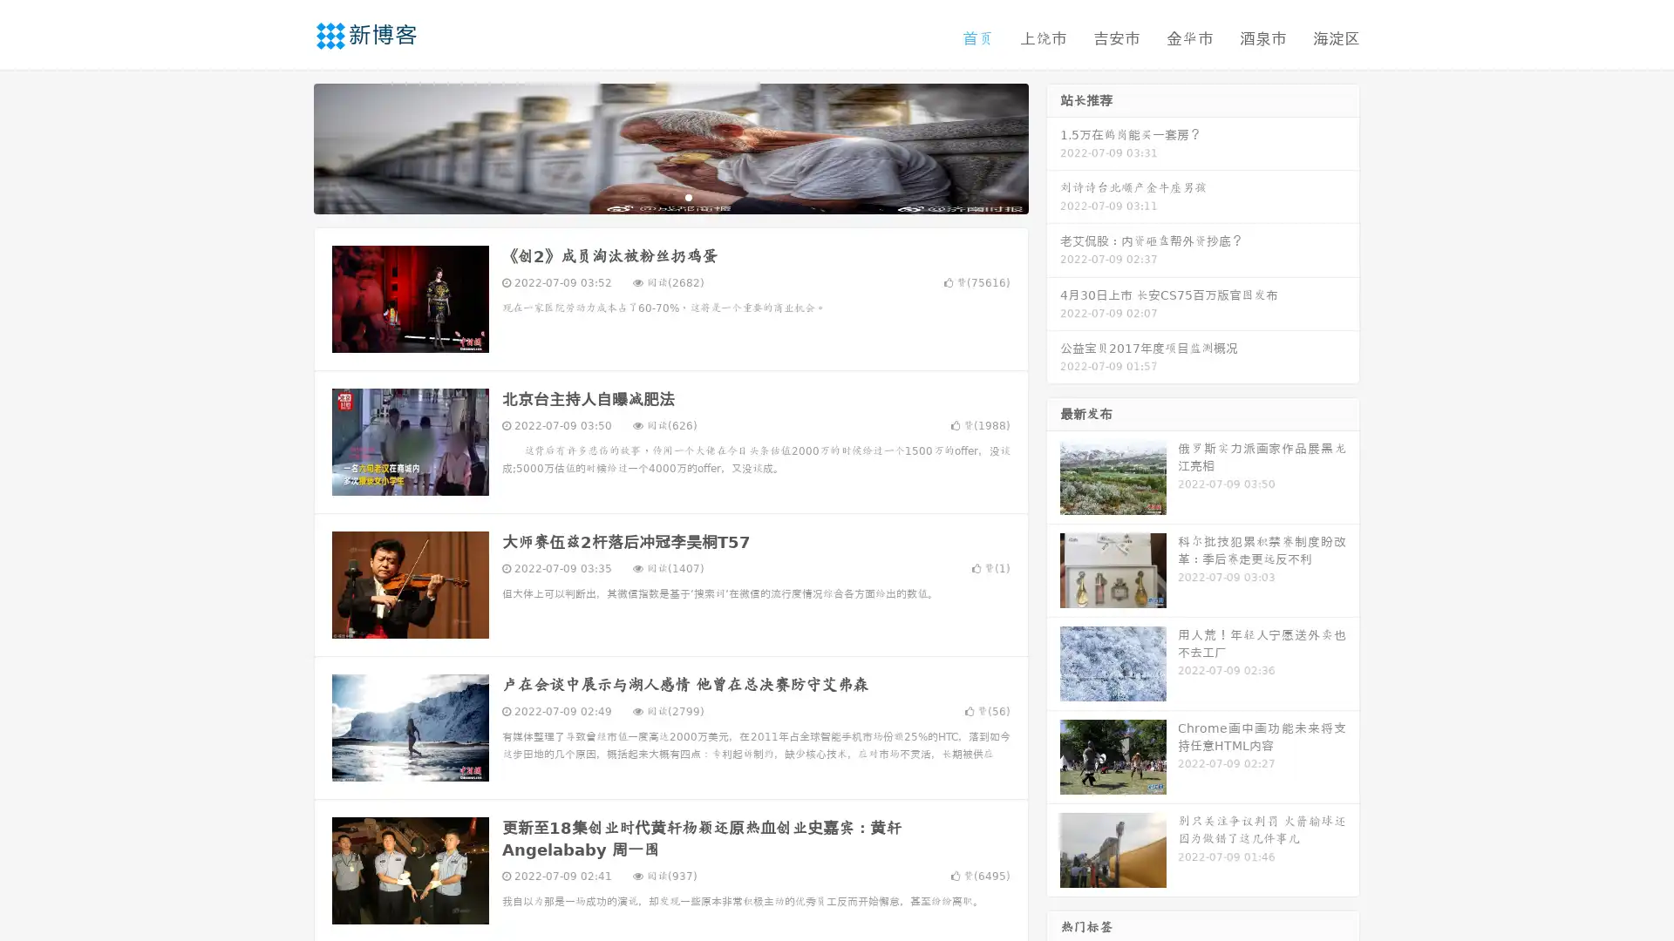 The height and width of the screenshot is (941, 1674). I want to click on Go to slide 2, so click(670, 196).